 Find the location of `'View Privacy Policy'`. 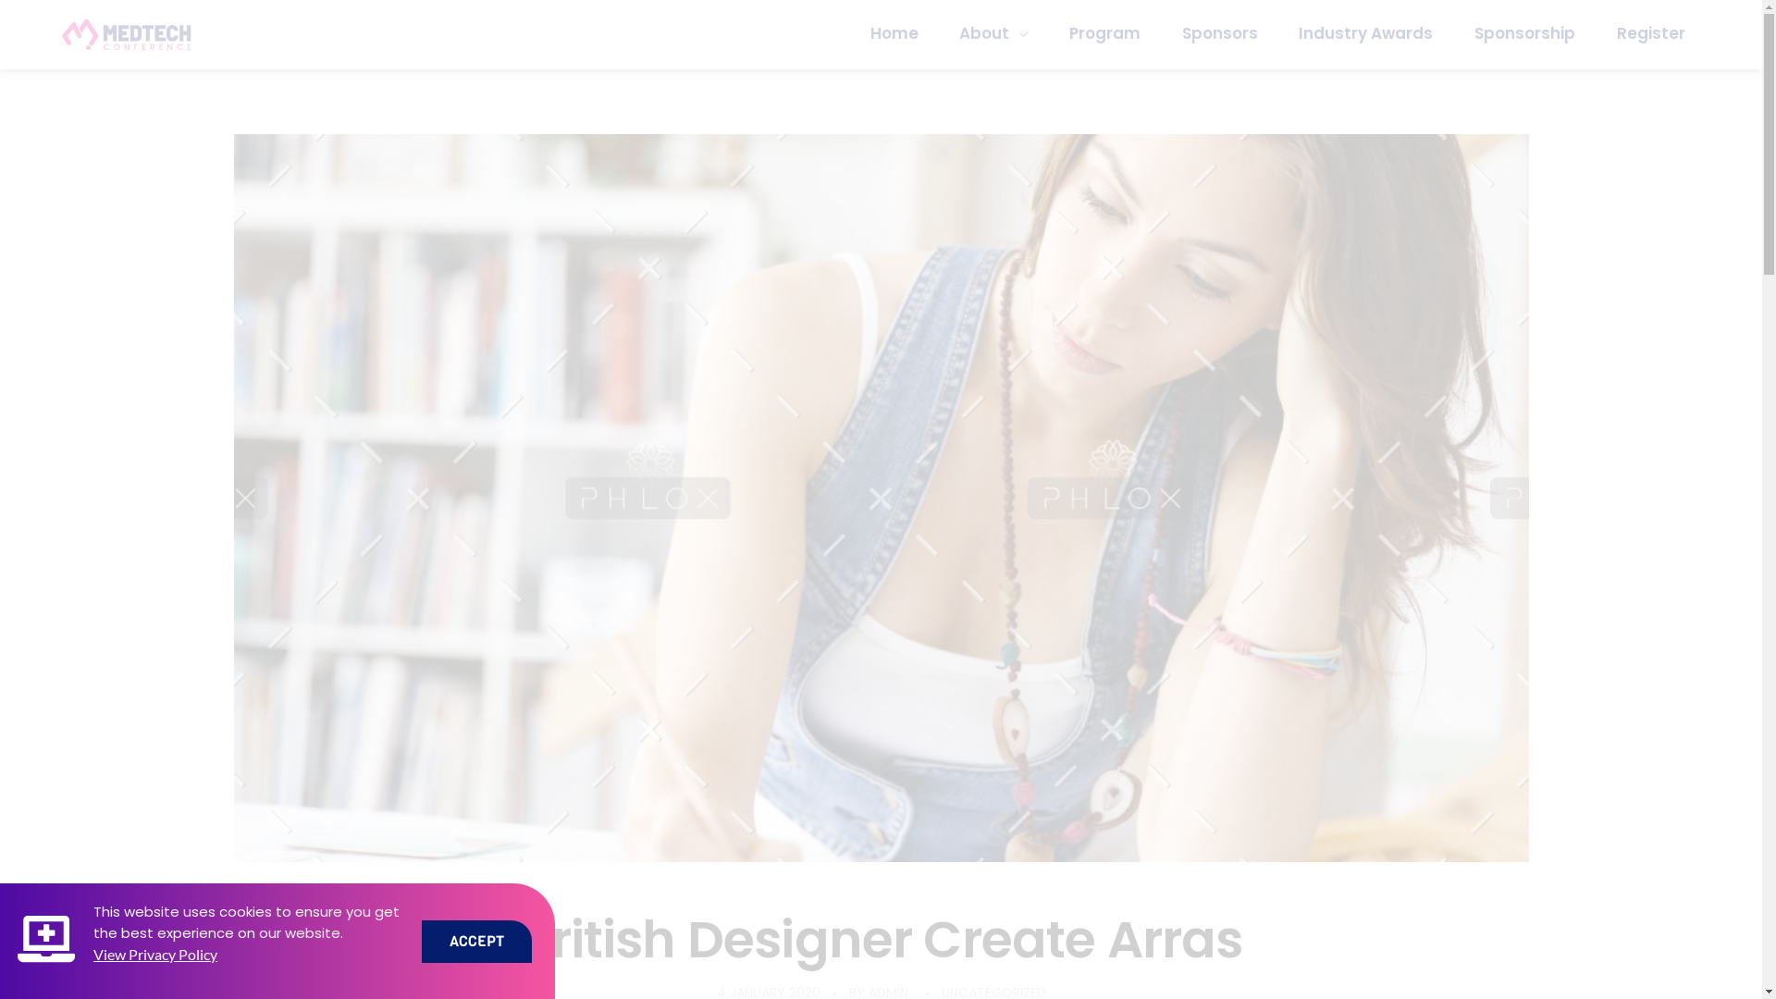

'View Privacy Policy' is located at coordinates (155, 954).